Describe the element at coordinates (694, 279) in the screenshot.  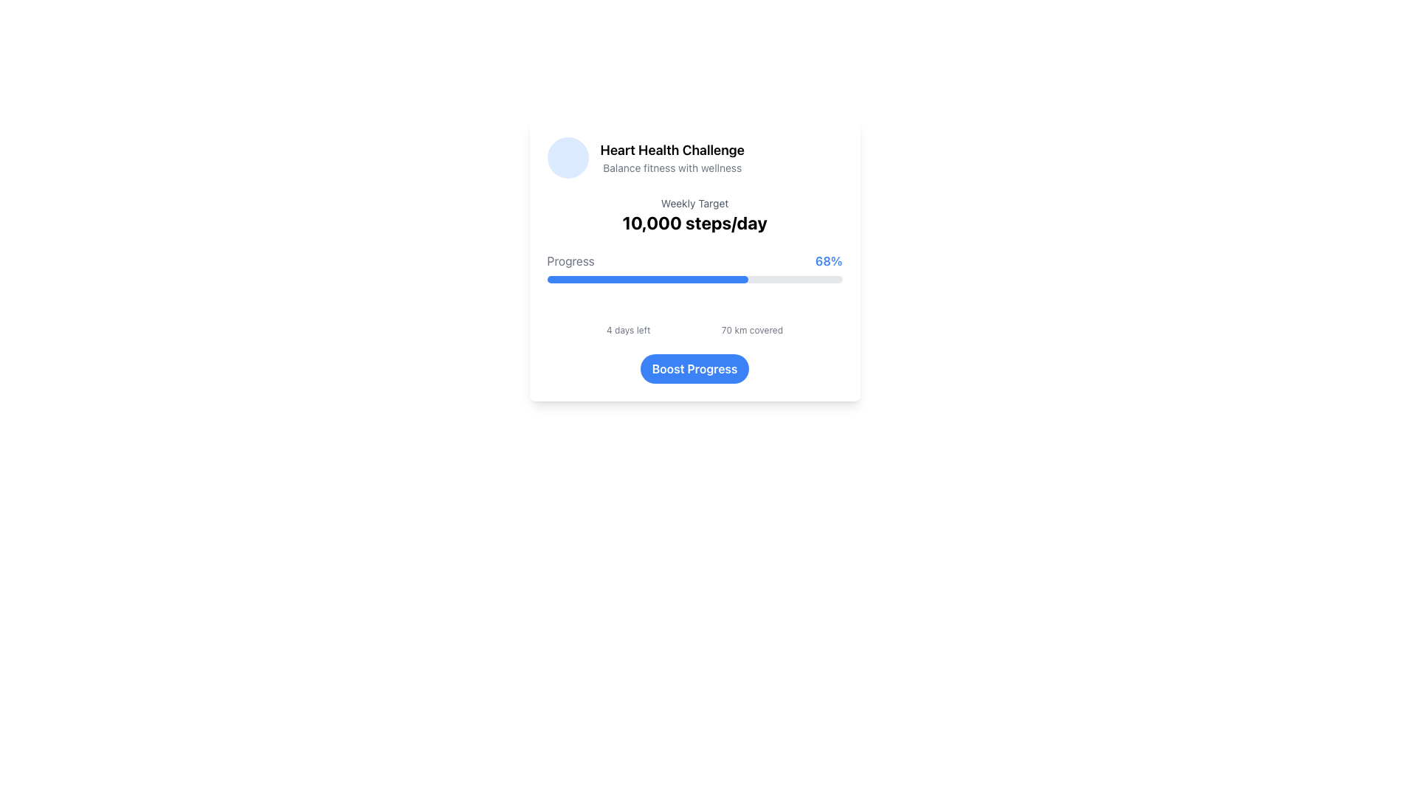
I see `the ProgressBar that visually represents the completion percentage of a task, positioned below the text 'Progress' and '68%'` at that location.